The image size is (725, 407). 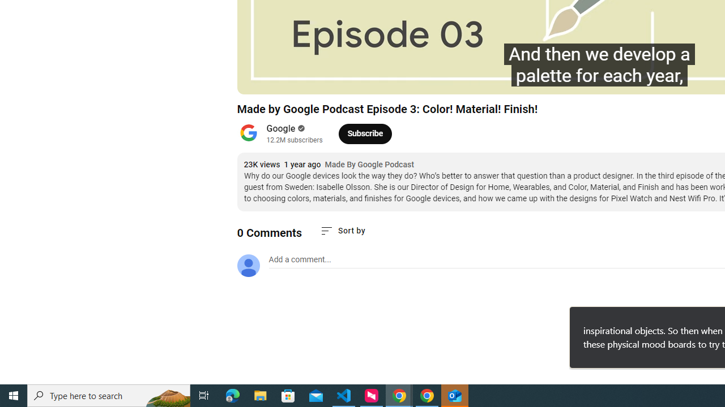 I want to click on 'Made By Google Podcast', so click(x=369, y=164).